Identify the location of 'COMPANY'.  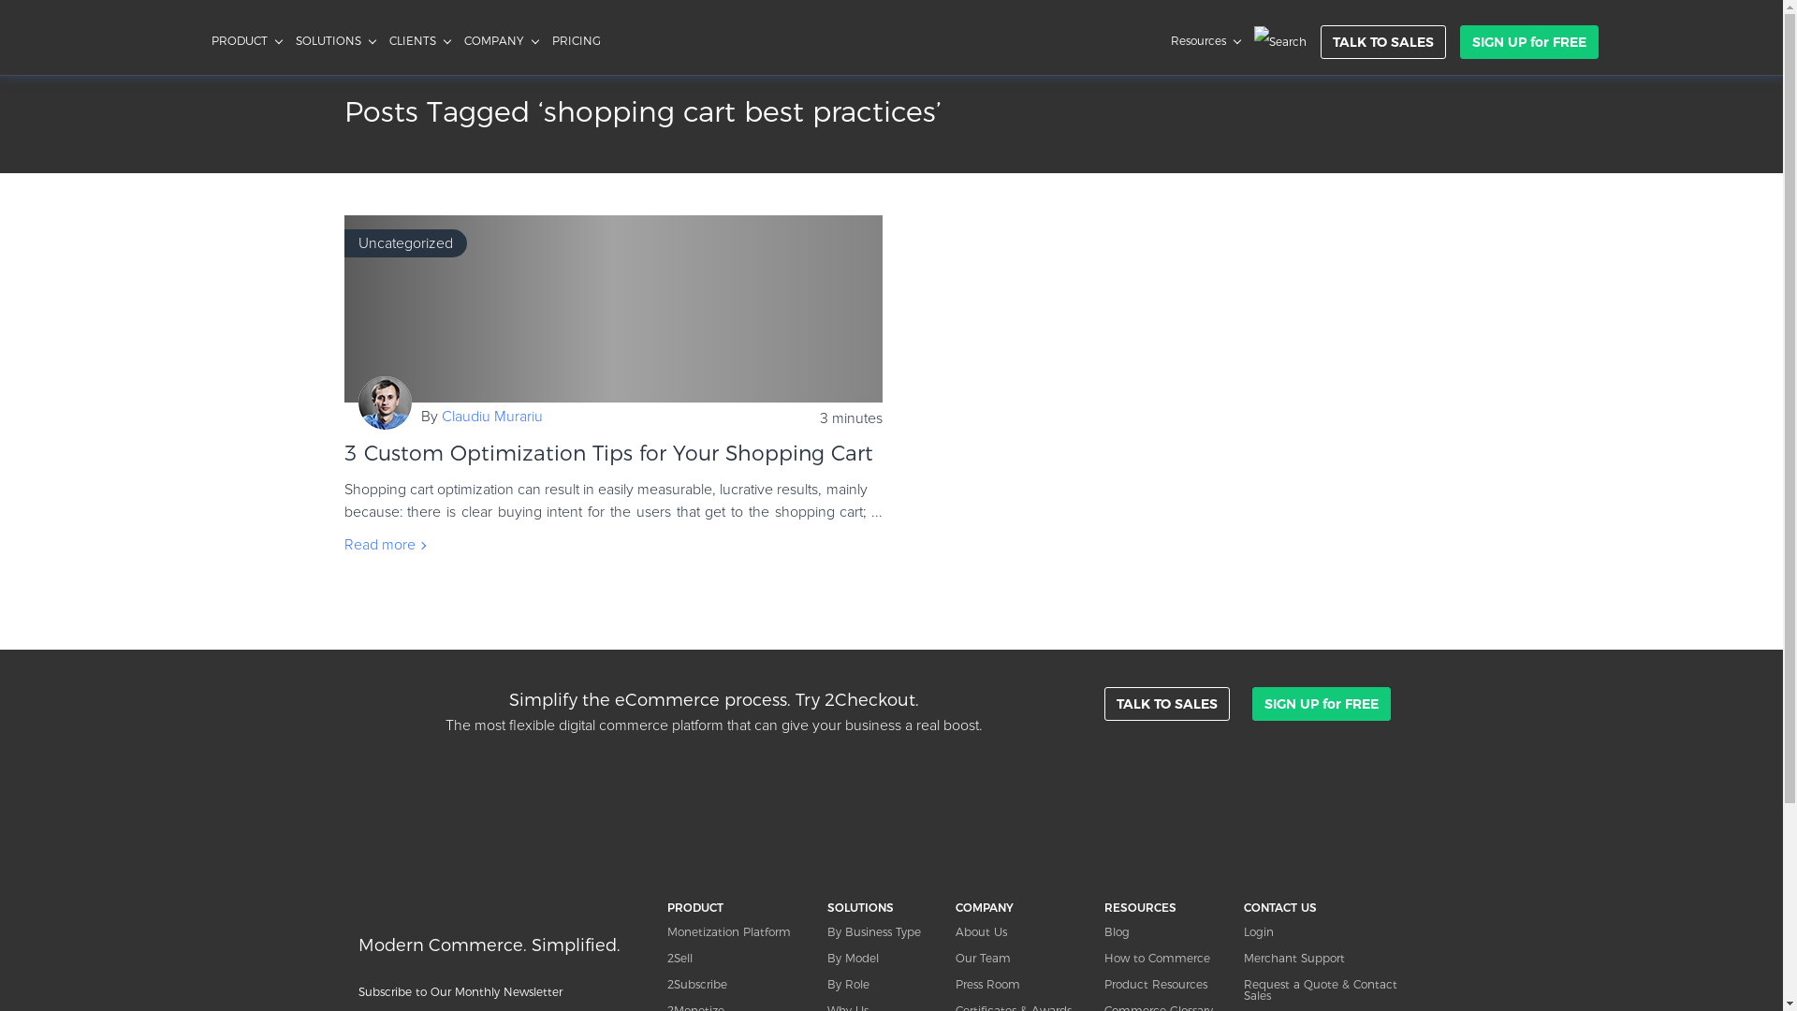
(463, 40).